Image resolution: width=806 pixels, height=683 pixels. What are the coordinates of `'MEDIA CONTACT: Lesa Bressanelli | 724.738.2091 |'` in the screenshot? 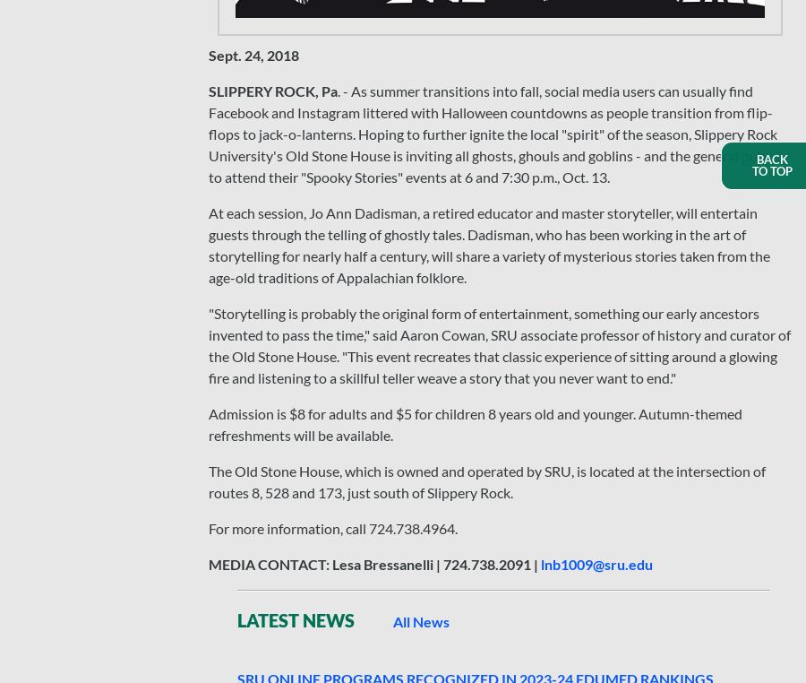 It's located at (374, 564).